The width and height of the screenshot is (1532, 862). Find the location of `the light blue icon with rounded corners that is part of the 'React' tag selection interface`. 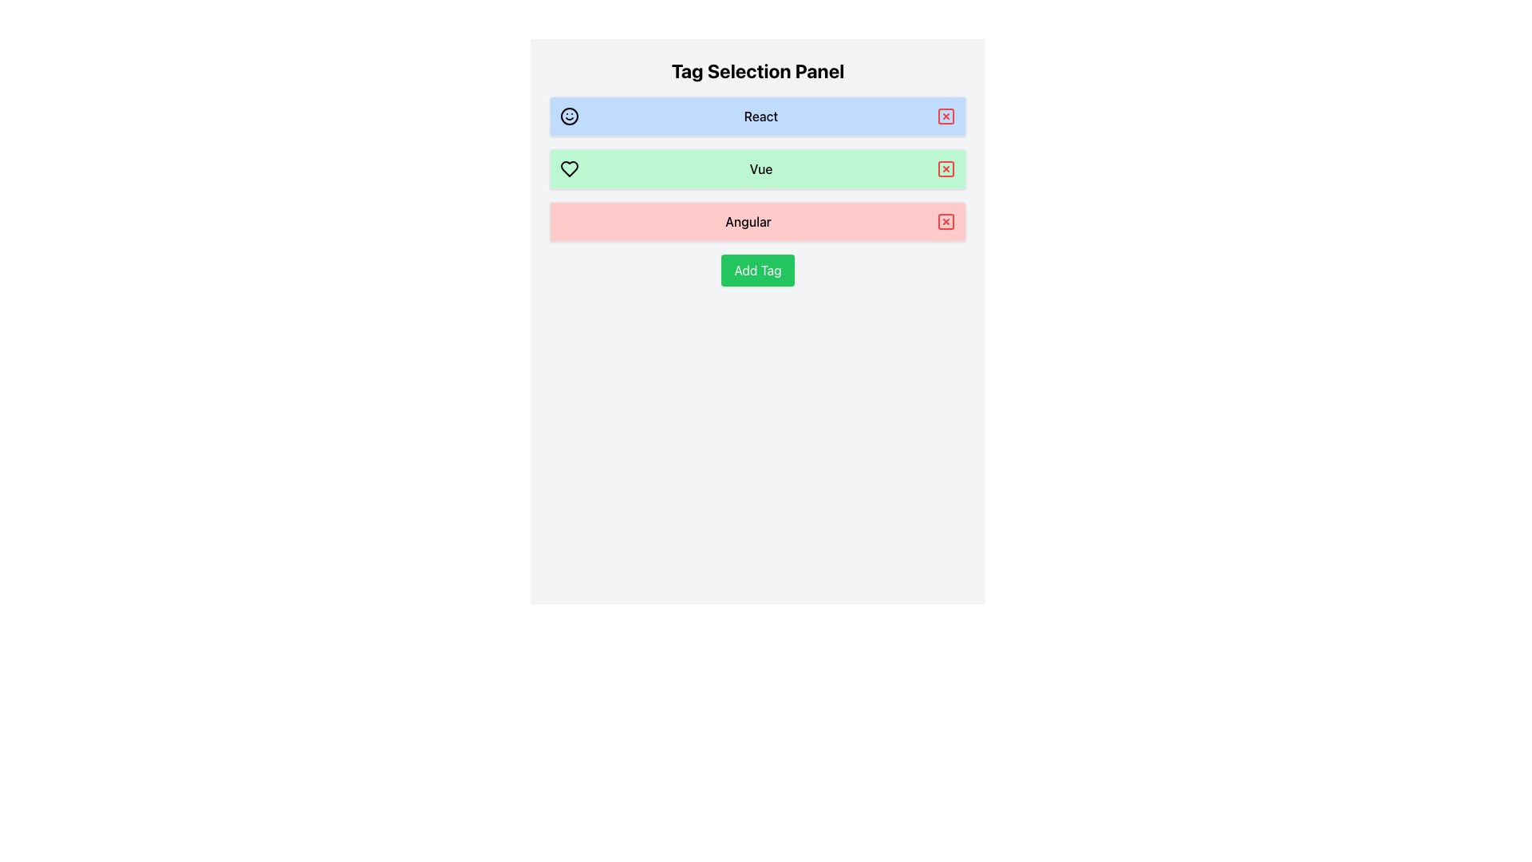

the light blue icon with rounded corners that is part of the 'React' tag selection interface is located at coordinates (946, 116).